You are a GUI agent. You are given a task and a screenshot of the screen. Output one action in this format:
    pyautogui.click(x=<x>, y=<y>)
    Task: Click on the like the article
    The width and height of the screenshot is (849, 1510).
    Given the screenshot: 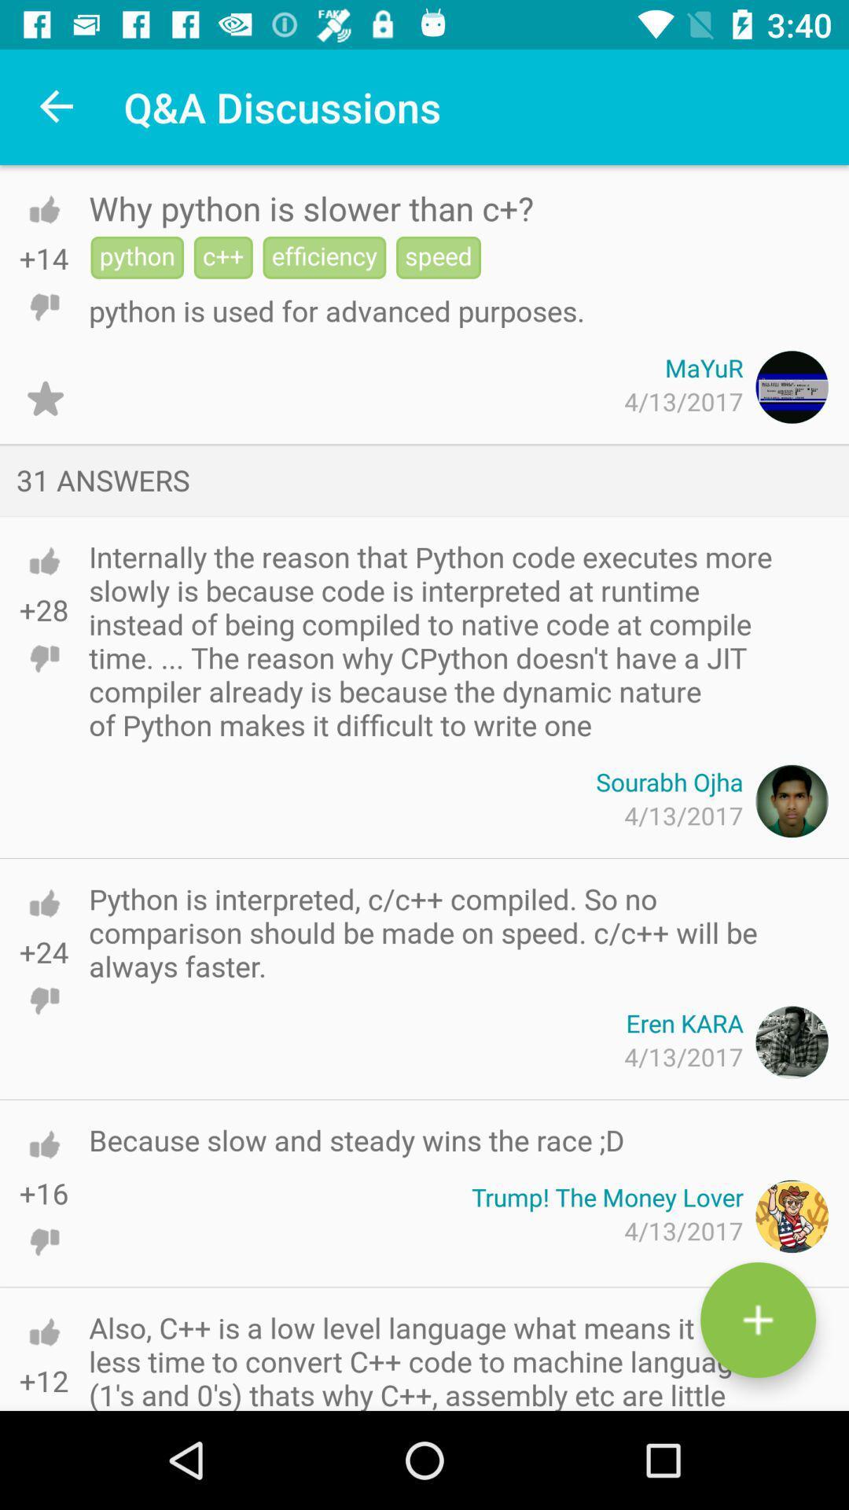 What is the action you would take?
    pyautogui.click(x=43, y=208)
    